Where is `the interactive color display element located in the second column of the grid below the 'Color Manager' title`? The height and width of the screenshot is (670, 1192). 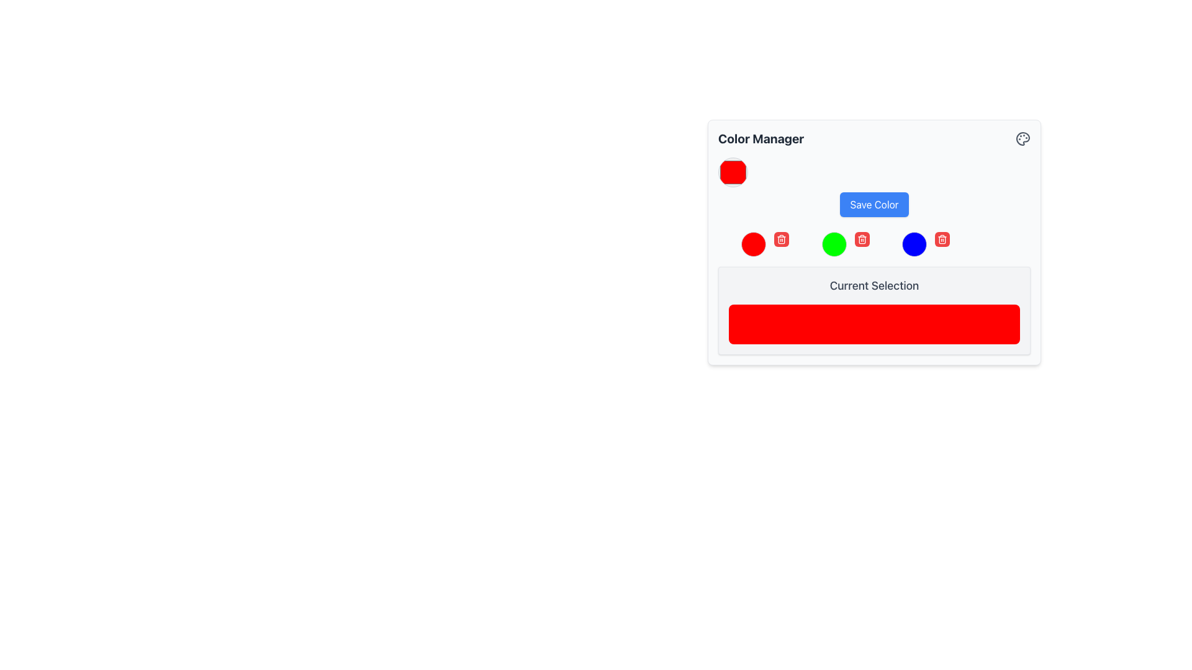
the interactive color display element located in the second column of the grid below the 'Color Manager' title is located at coordinates (834, 244).